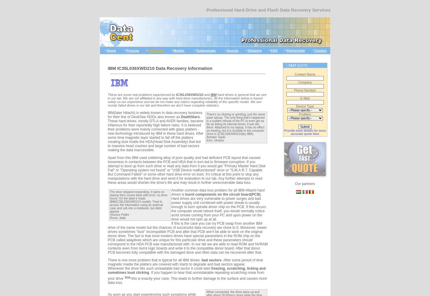 This screenshot has width=430, height=296. Describe the element at coordinates (305, 183) in the screenshot. I see `'Our partners'` at that location.